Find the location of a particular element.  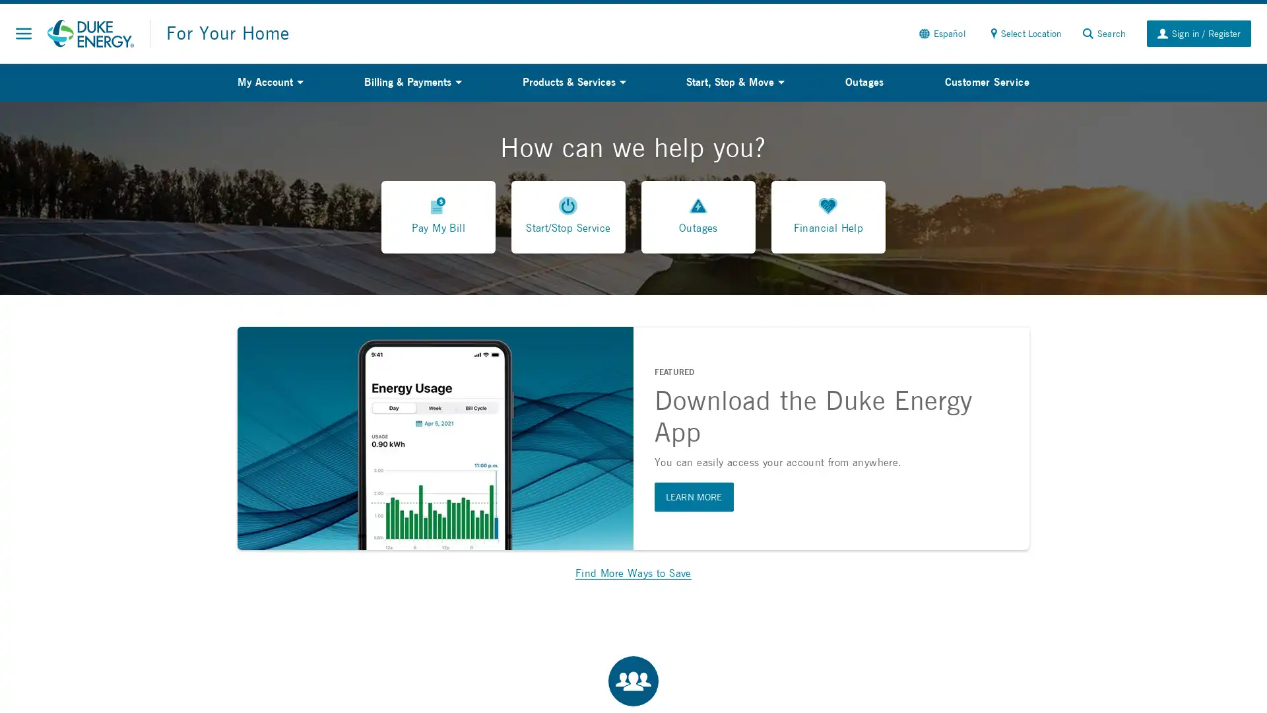

Espanol is located at coordinates (940, 32).